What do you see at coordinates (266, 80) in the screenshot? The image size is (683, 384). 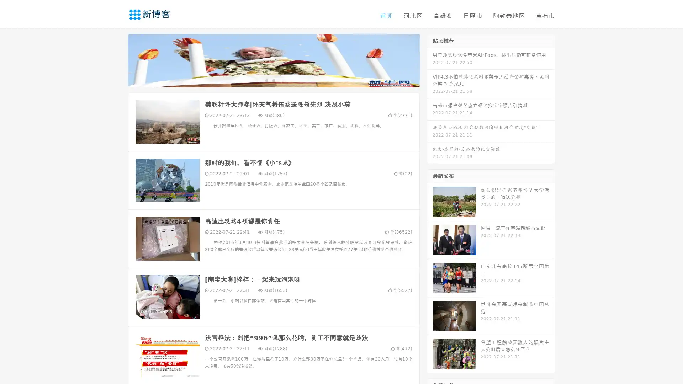 I see `Go to slide 1` at bounding box center [266, 80].